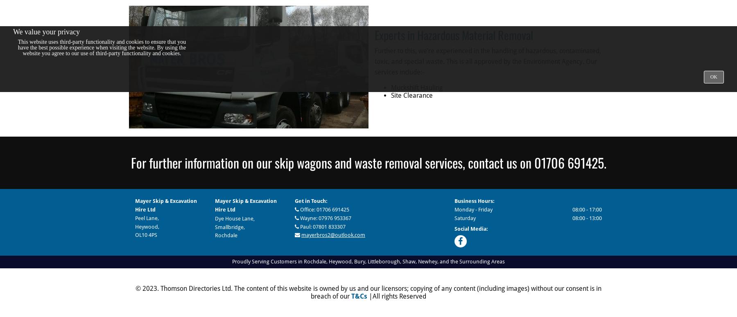 This screenshot has height=317, width=737. I want to click on '08:00 - 17:00', so click(571, 209).